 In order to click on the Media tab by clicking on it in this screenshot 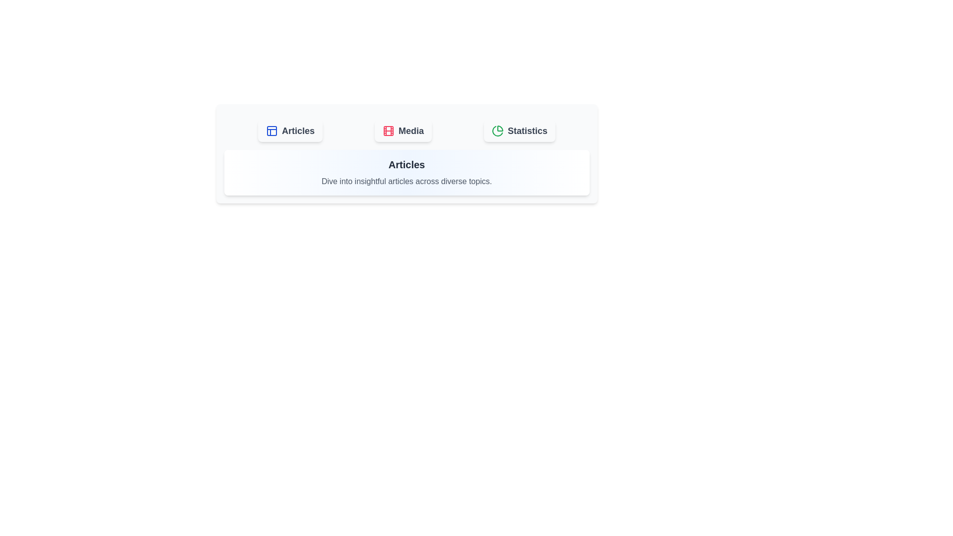, I will do `click(403, 130)`.